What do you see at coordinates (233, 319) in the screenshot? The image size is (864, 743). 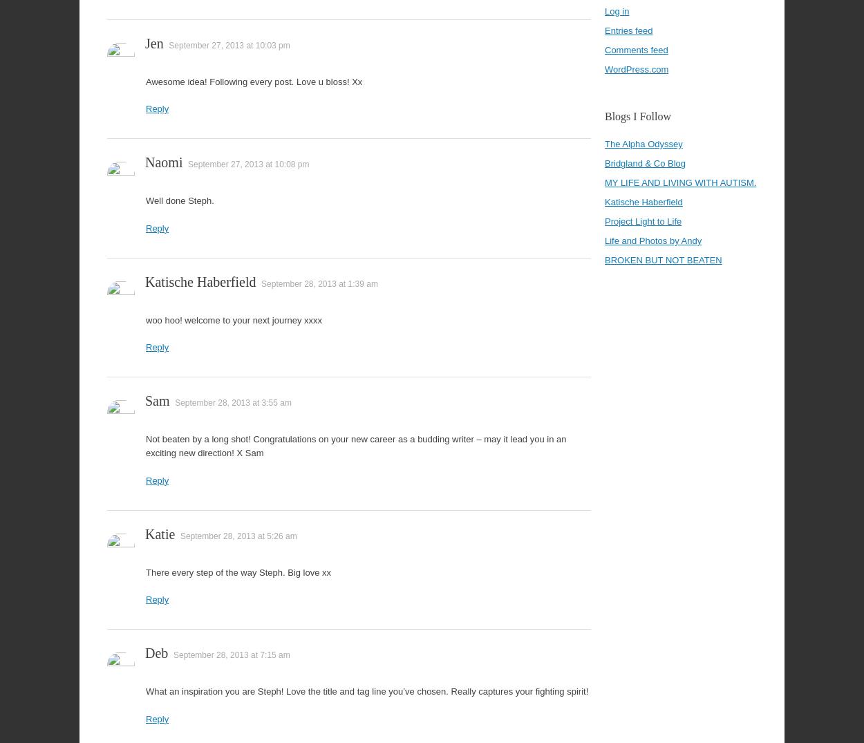 I see `'woo hoo! welcome to your next journey xxxx'` at bounding box center [233, 319].